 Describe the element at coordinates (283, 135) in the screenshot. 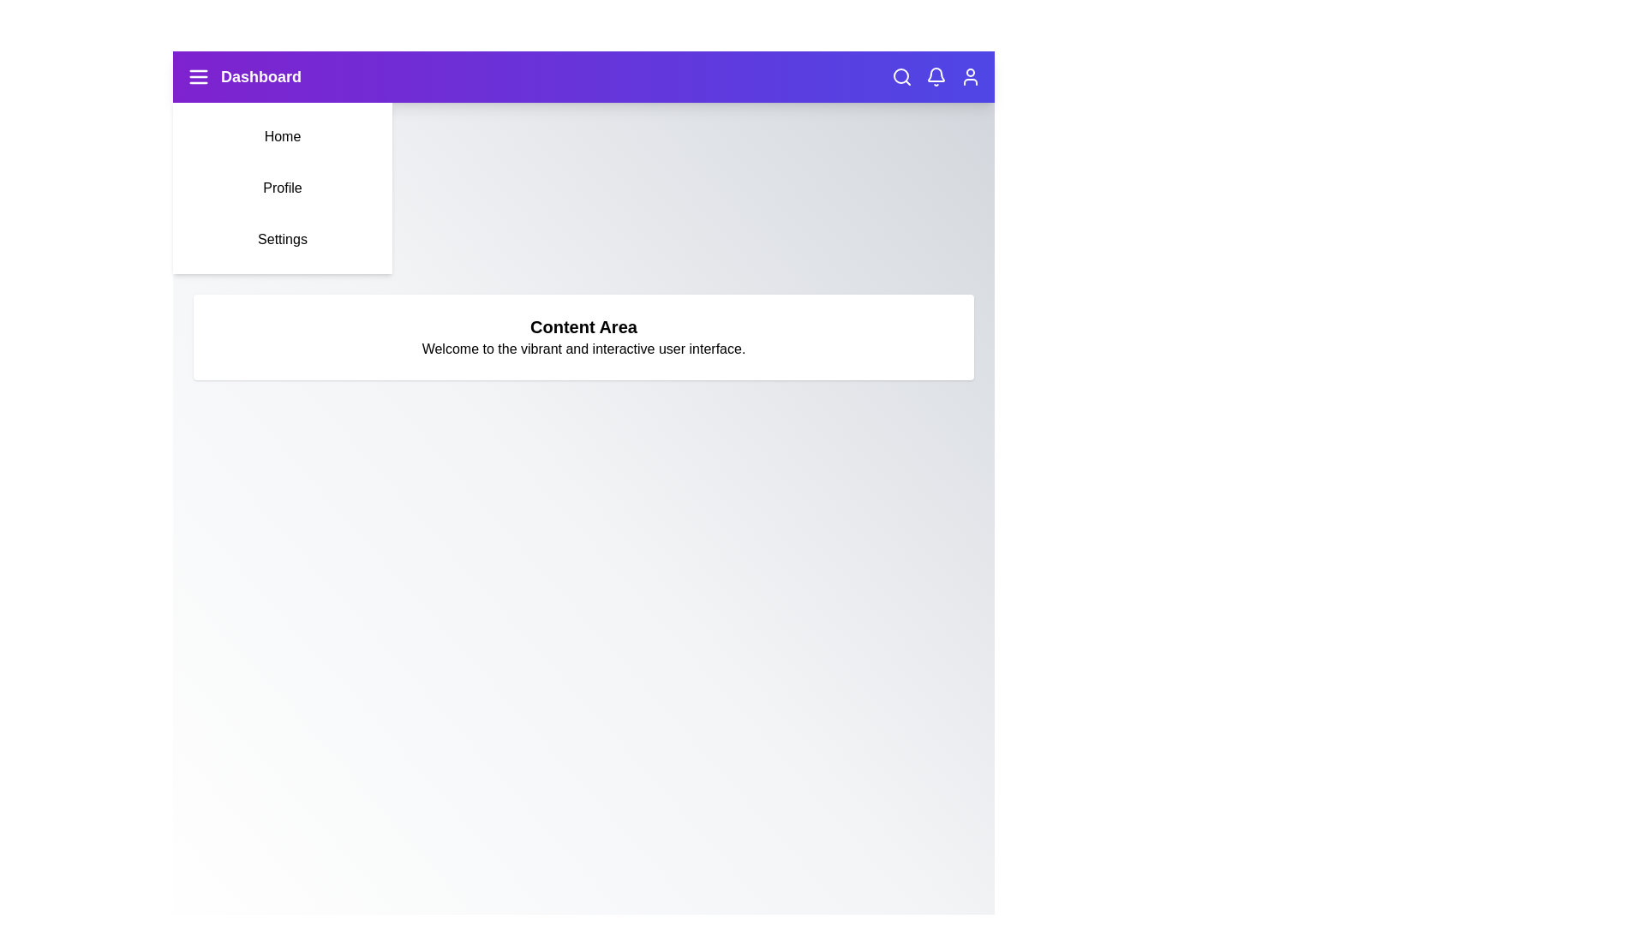

I see `the navigation option Home in the navigation bar` at that location.